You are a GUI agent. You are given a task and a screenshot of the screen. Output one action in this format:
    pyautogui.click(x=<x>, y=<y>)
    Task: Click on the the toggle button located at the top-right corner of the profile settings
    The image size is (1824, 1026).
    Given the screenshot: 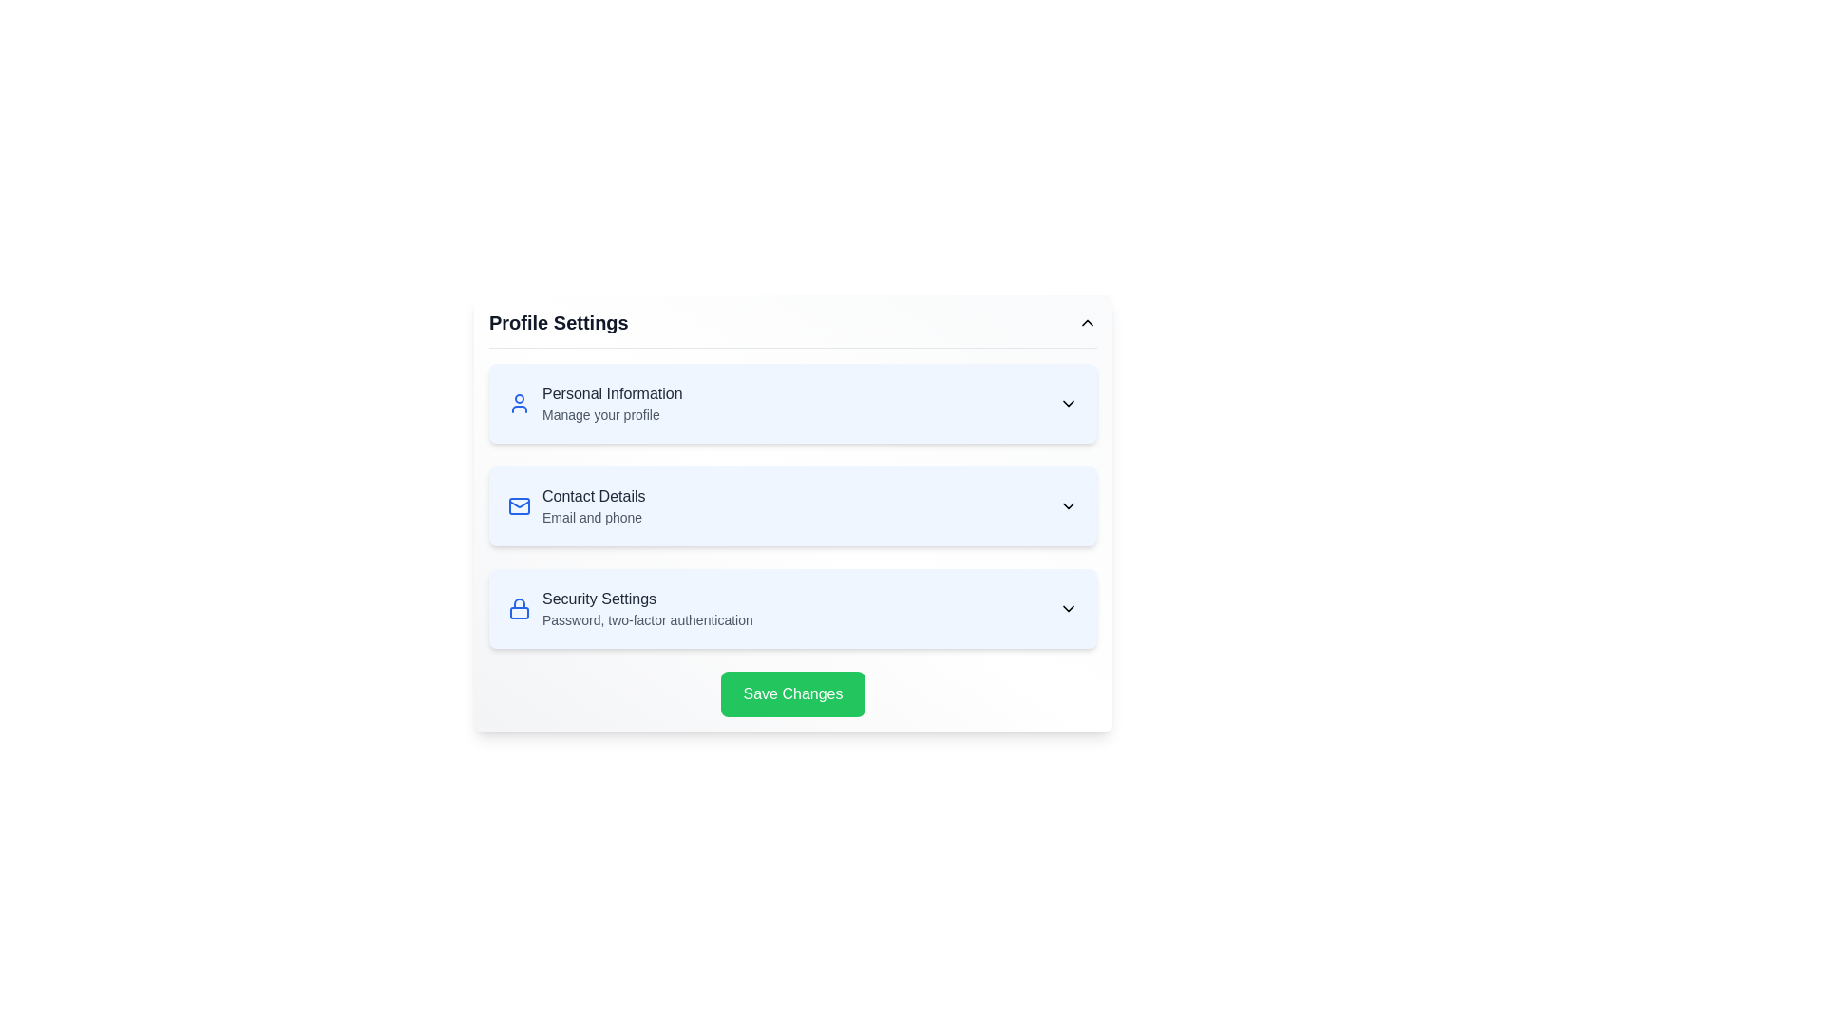 What is the action you would take?
    pyautogui.click(x=1088, y=321)
    